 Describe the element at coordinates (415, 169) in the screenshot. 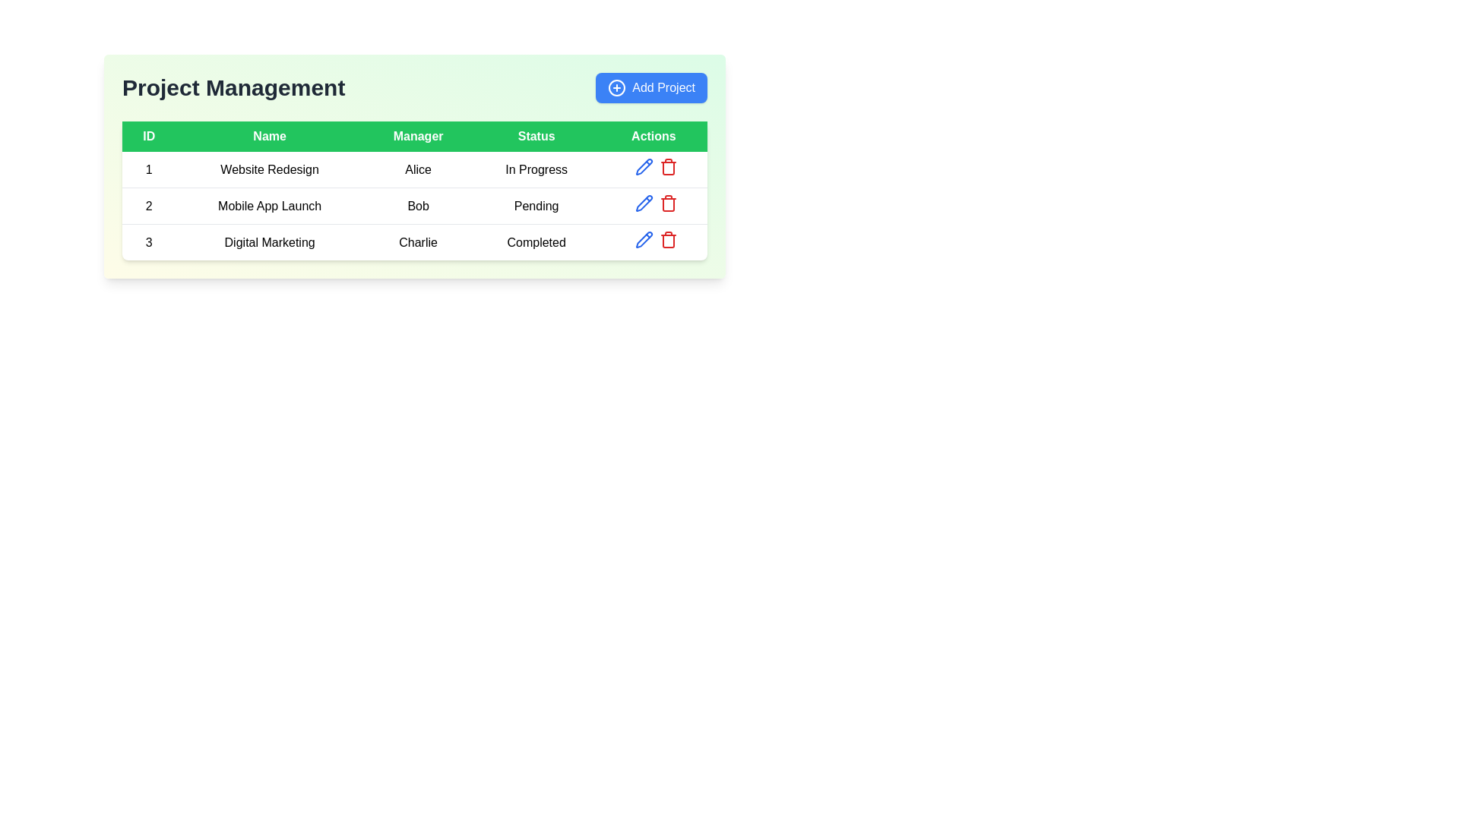

I see `the first row of the project information table which includes ID '1', name 'Website Redesign', manager 'Alice', status 'In Progress', and action icons for editing and deleting` at that location.